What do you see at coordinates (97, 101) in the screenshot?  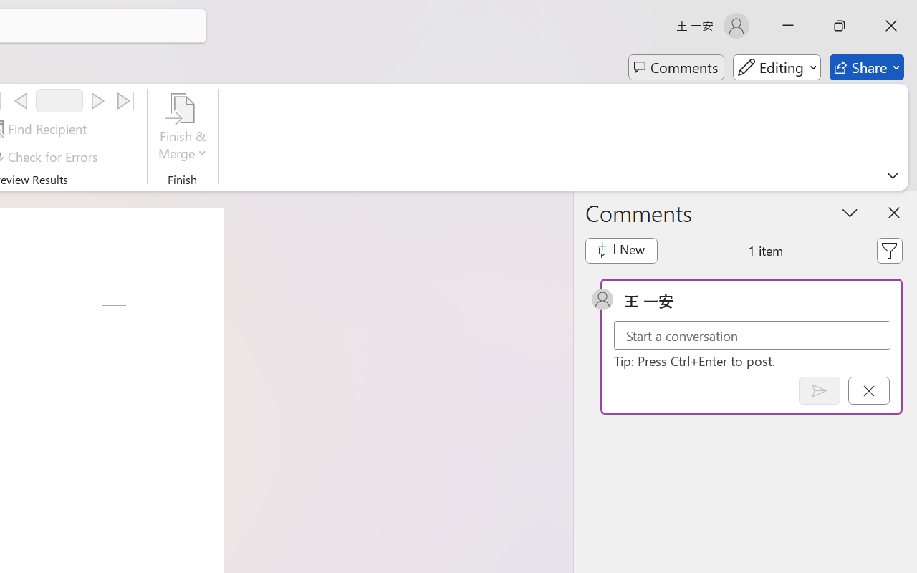 I see `'Next'` at bounding box center [97, 101].